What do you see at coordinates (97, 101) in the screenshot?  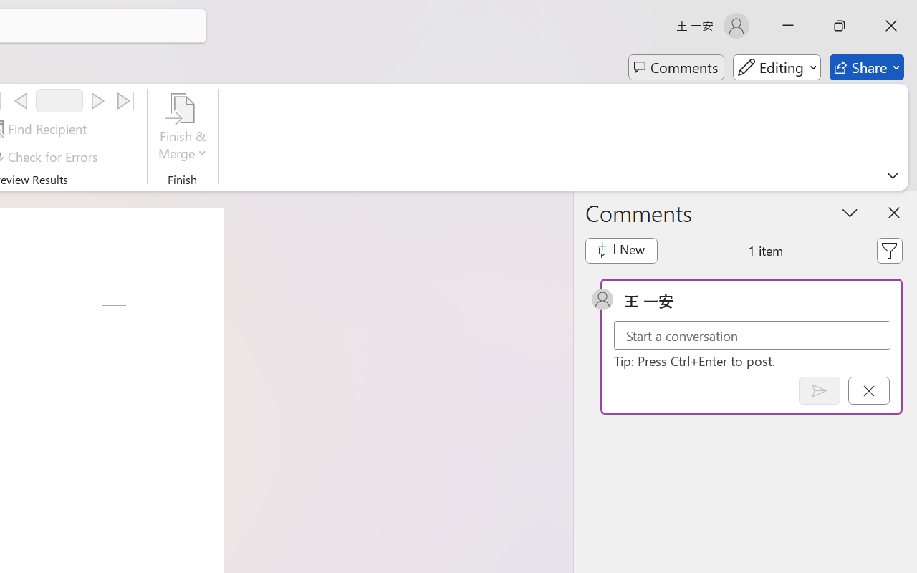 I see `'Next'` at bounding box center [97, 101].